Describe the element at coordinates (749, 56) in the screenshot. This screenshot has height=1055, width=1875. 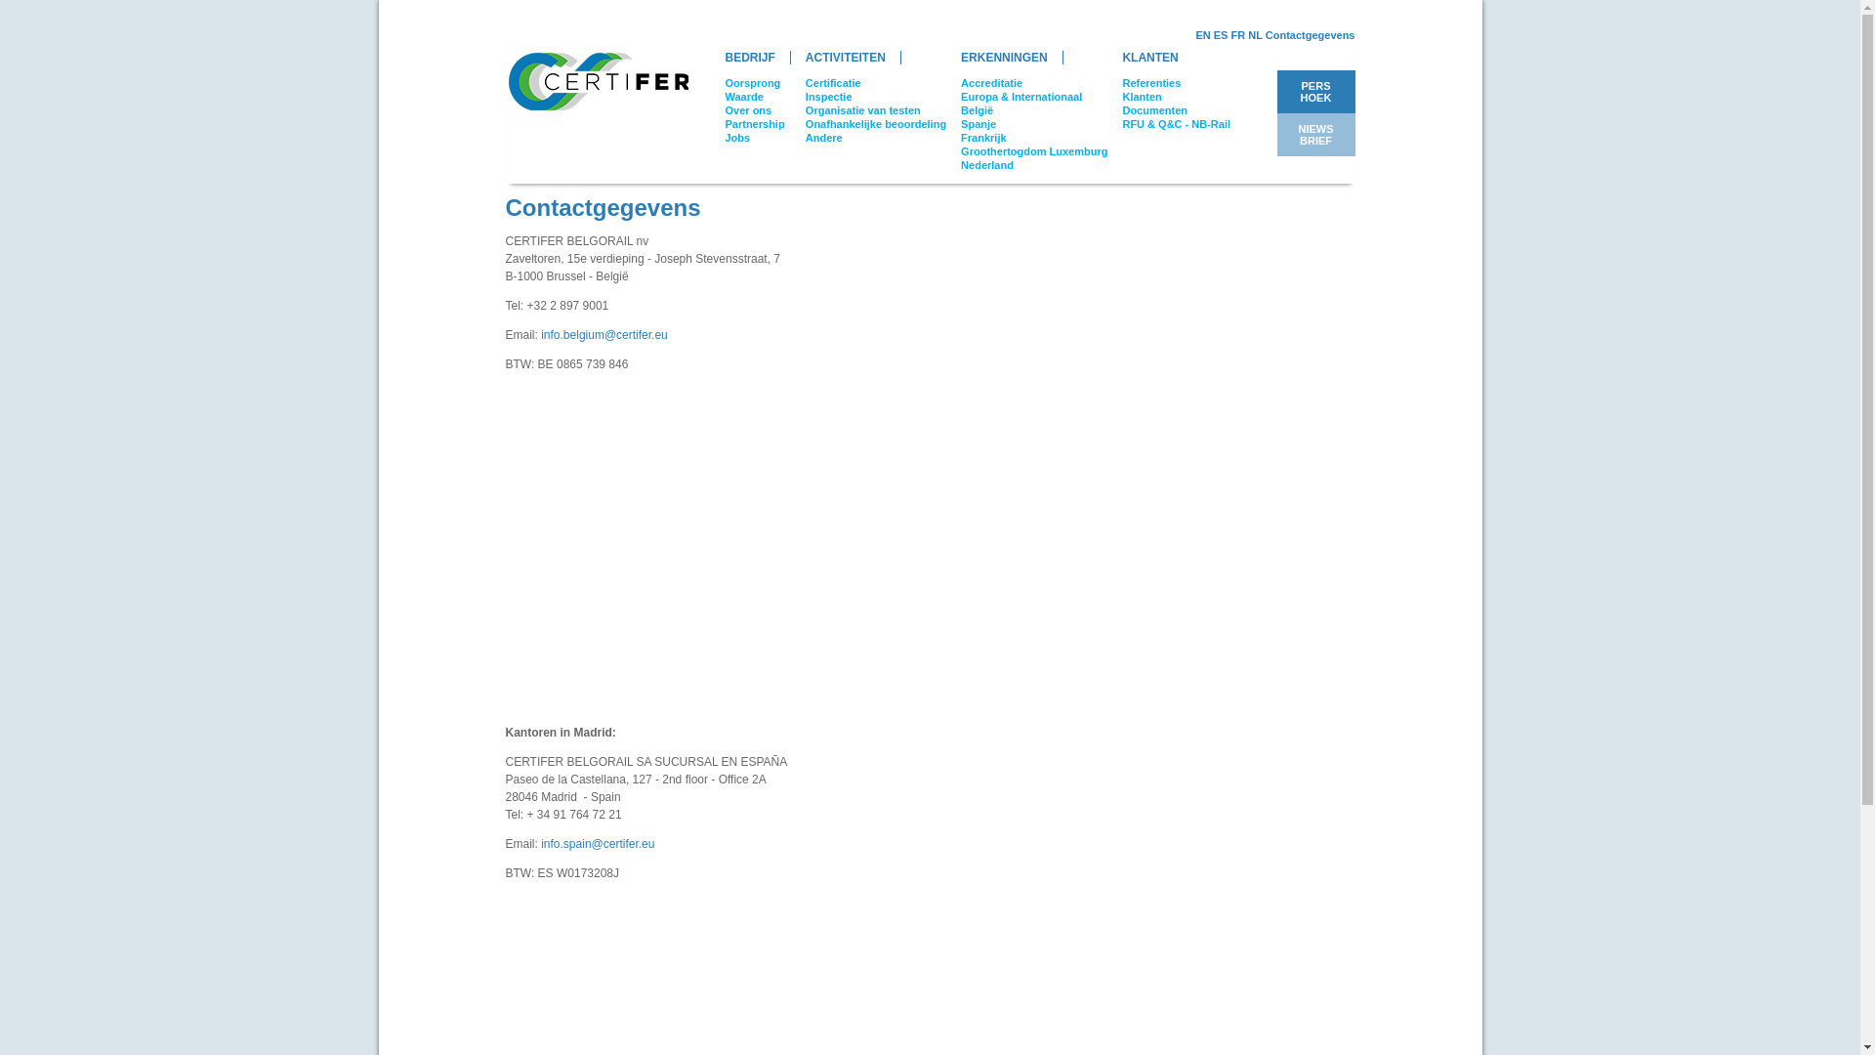
I see `'BEDRIJF'` at that location.